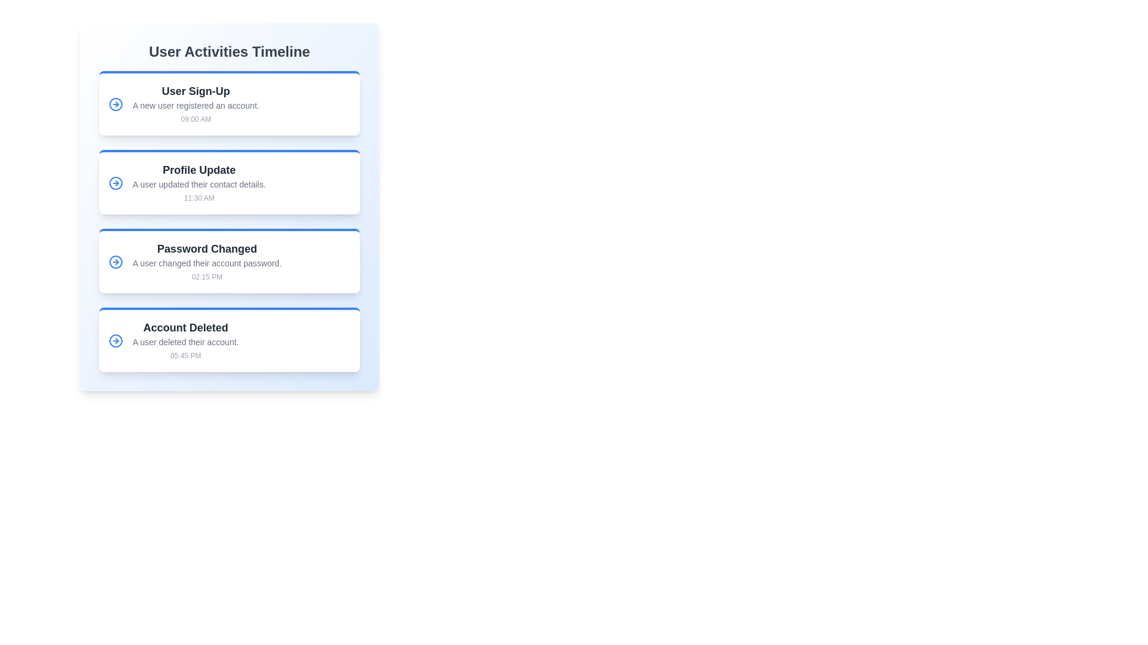 This screenshot has height=645, width=1148. What do you see at coordinates (115, 262) in the screenshot?
I see `the circle icon with a blue outline and a right-pointing arrow, which is located to the left of the 'Password Changed' label in the timeline interface` at bounding box center [115, 262].